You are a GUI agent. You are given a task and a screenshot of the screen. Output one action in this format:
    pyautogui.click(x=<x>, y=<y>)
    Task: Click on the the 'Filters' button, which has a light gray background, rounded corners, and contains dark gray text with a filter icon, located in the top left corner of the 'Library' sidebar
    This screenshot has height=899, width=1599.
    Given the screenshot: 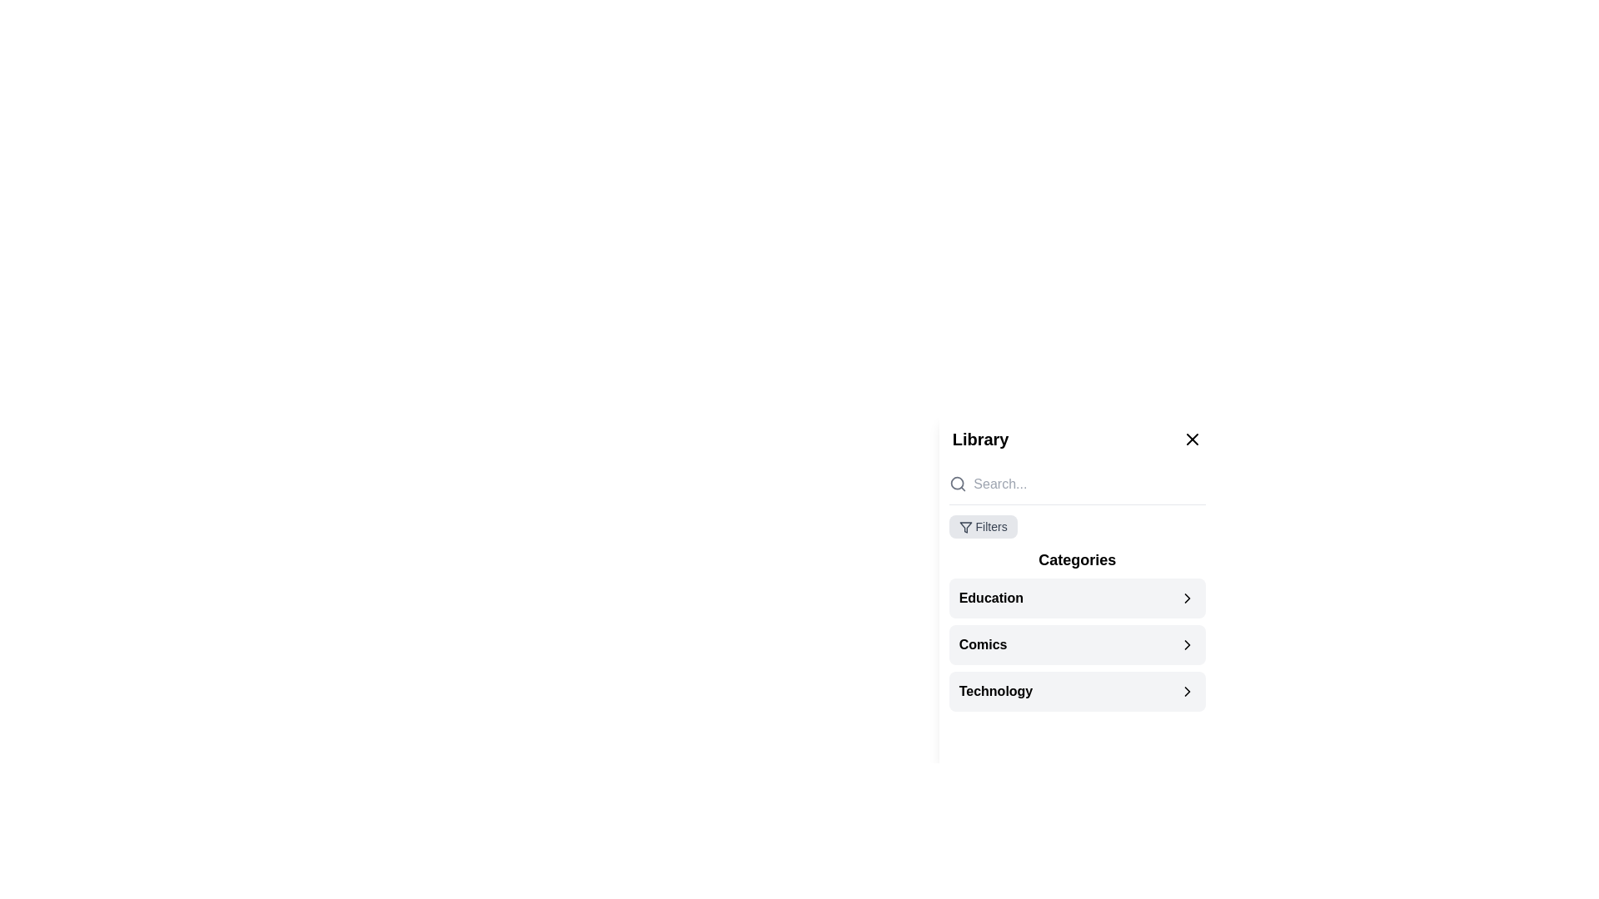 What is the action you would take?
    pyautogui.click(x=983, y=526)
    